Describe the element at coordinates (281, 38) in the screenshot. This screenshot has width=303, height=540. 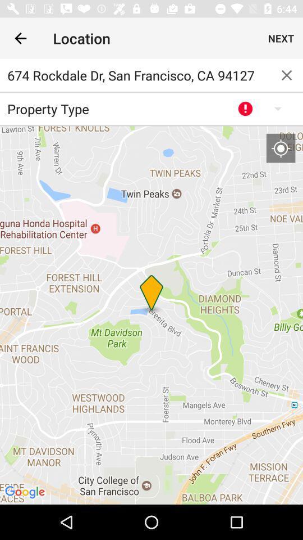
I see `next icon` at that location.